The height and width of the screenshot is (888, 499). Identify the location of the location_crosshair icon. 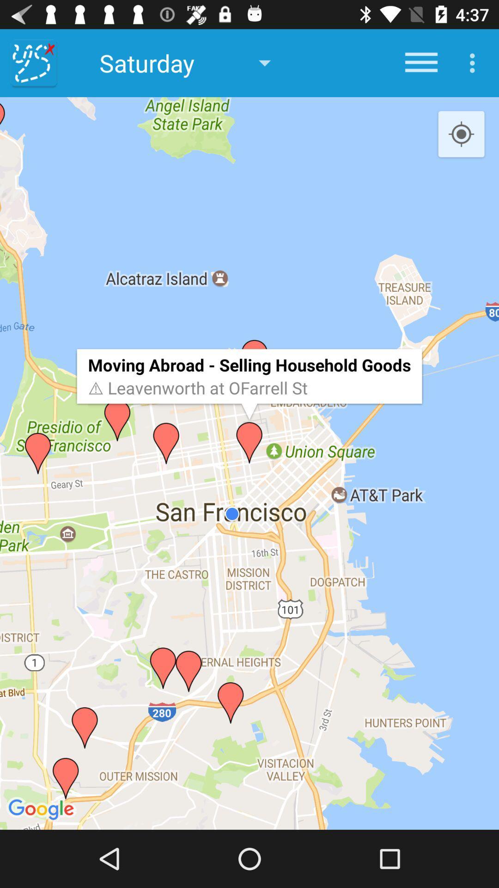
(461, 134).